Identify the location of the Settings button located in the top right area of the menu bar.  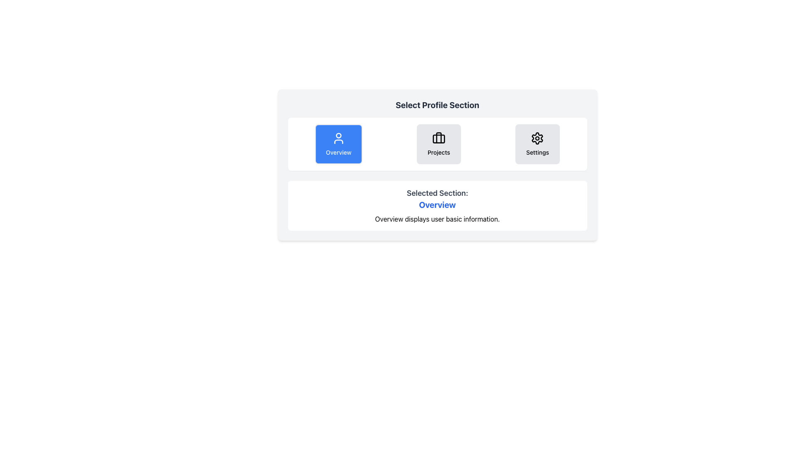
(537, 144).